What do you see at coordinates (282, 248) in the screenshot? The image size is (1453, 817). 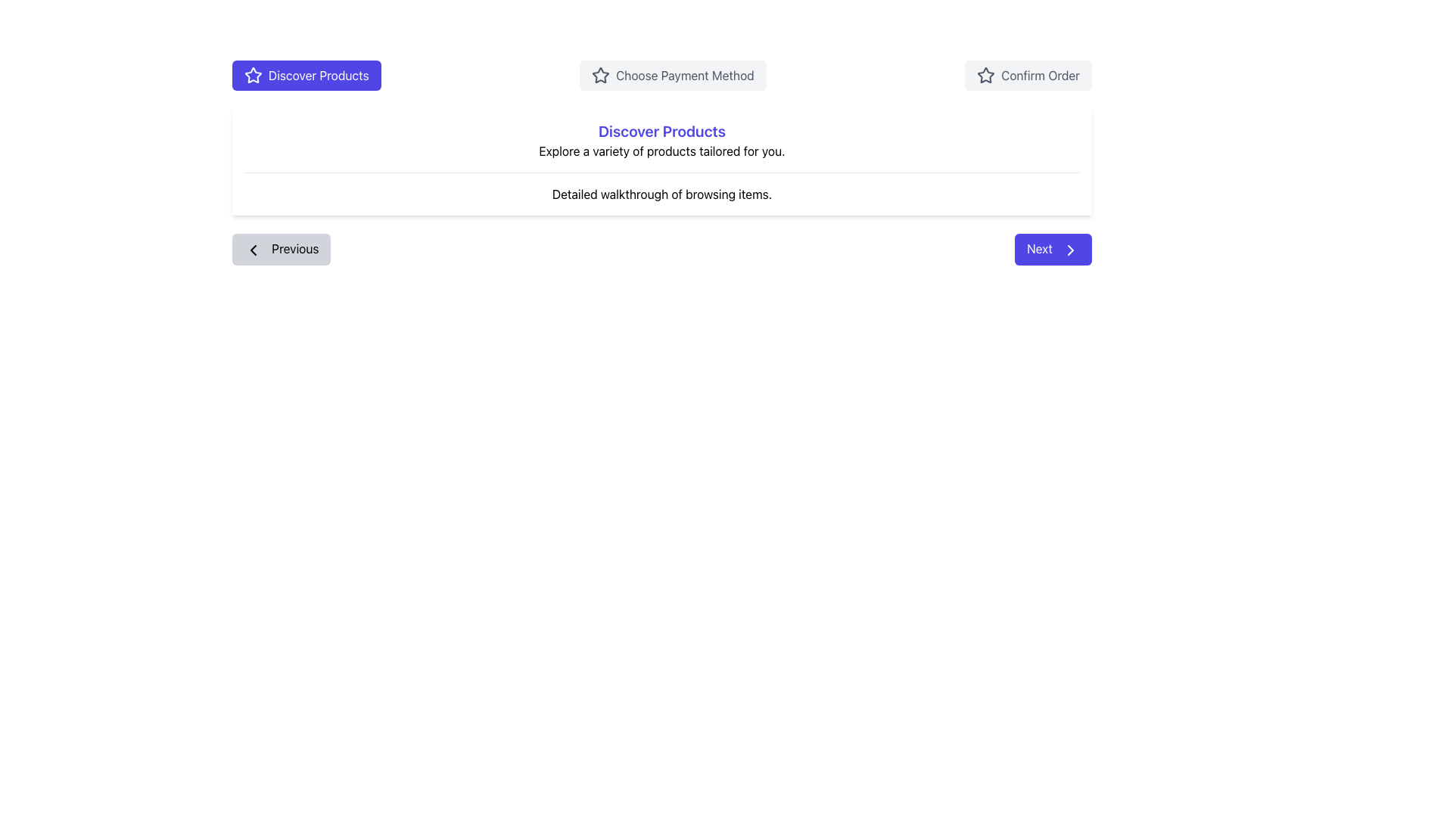 I see `the button located on the left side of the bottom navigation bar` at bounding box center [282, 248].